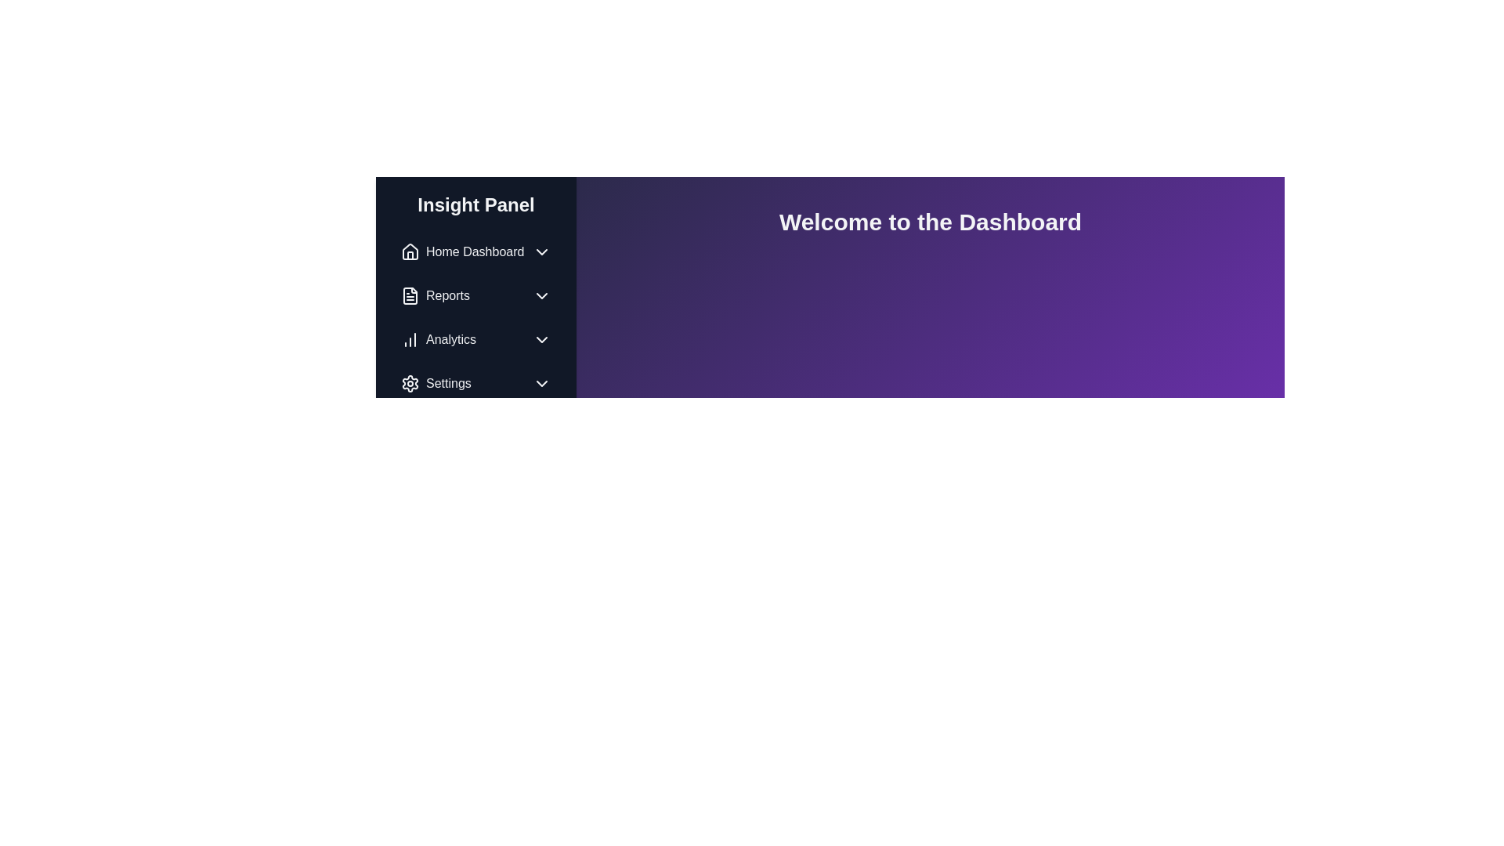  I want to click on the chevron icon that represents the ability, so click(541, 339).